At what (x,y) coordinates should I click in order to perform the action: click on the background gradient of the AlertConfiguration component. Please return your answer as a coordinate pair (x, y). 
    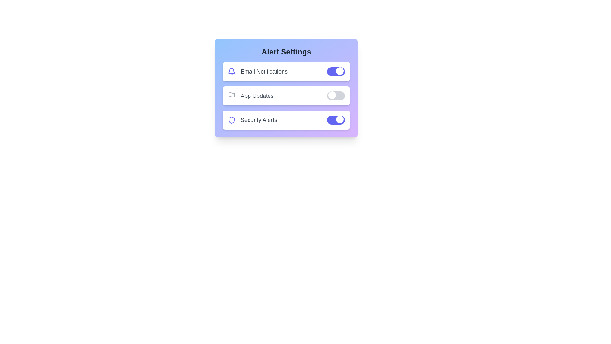
    Looking at the image, I should click on (286, 88).